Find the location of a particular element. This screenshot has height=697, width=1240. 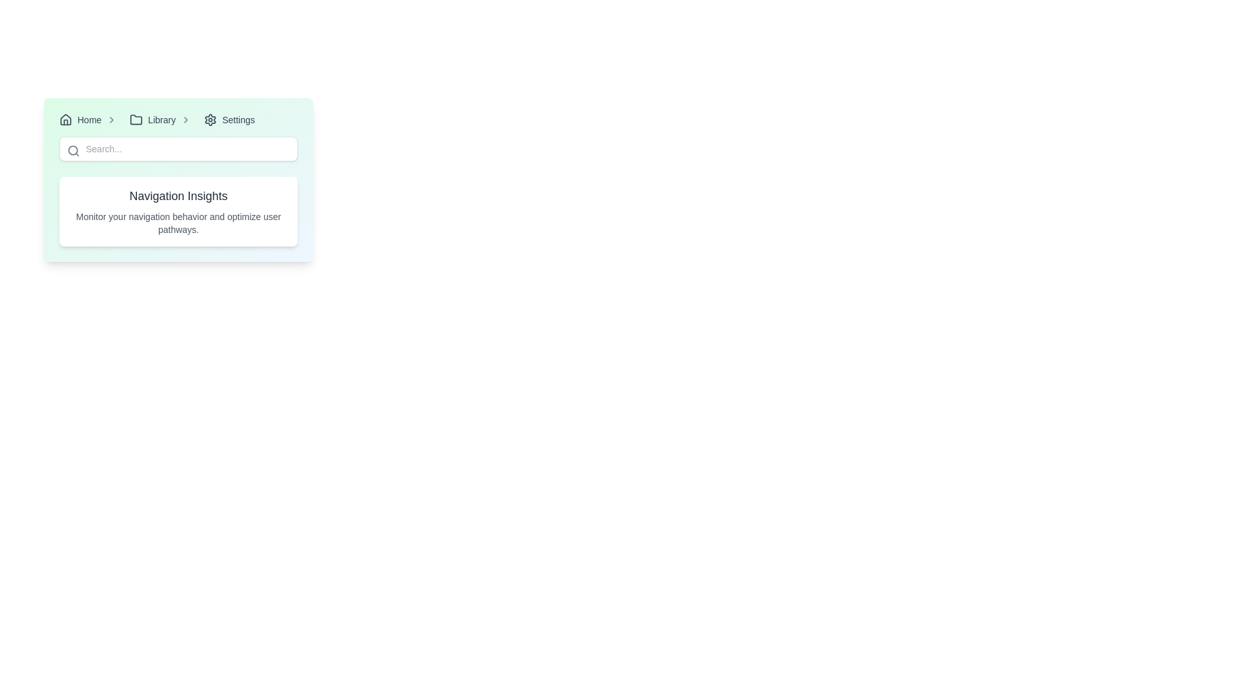

the 'Library' text label in the breadcrumb navigation, which appears to the right of a folder icon and is styled with a small font size and medium weight is located at coordinates (161, 119).